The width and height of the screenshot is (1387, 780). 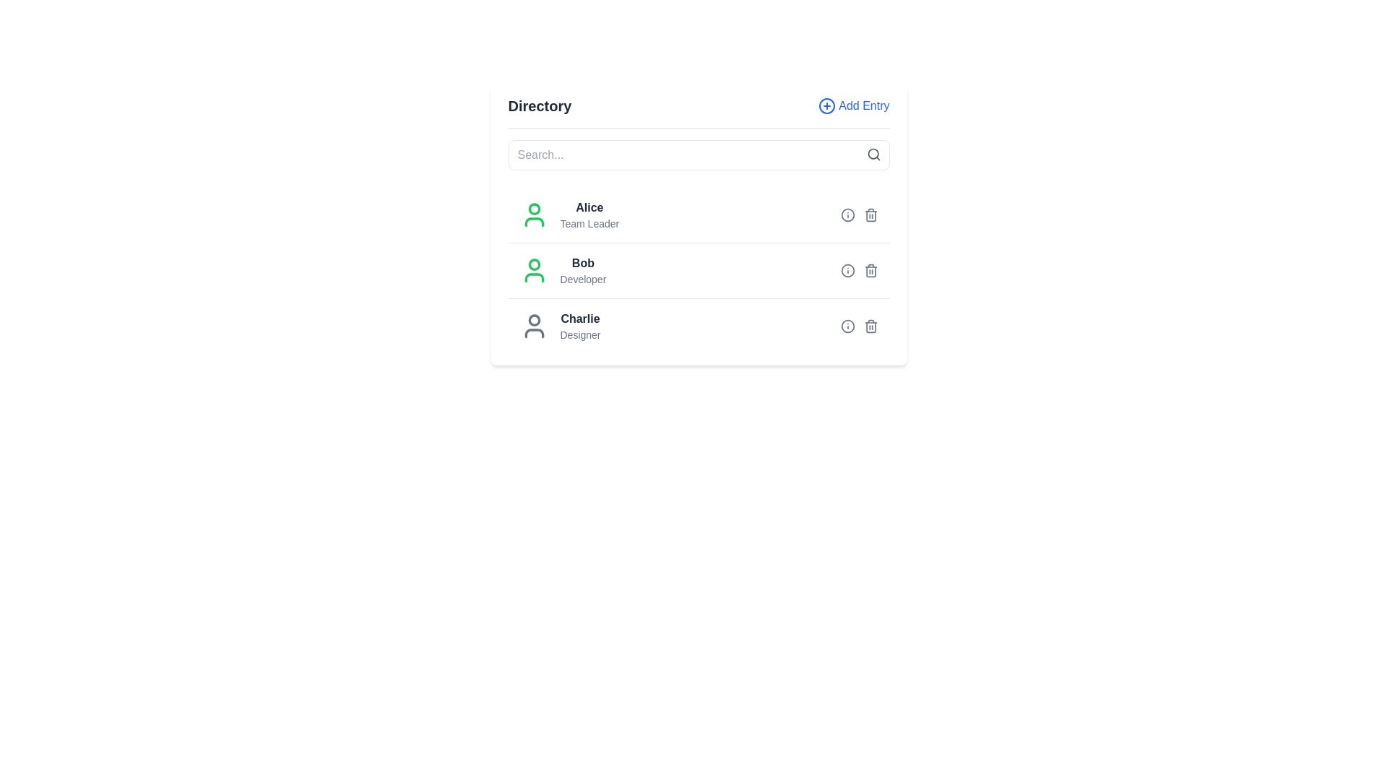 I want to click on the interactive elements within the Profile entry row that displays 'Bob' as the name and 'Developer' as the title, which is located between the entries for 'Alice - Team Leader' and 'Charlie - Designer', so click(x=699, y=270).